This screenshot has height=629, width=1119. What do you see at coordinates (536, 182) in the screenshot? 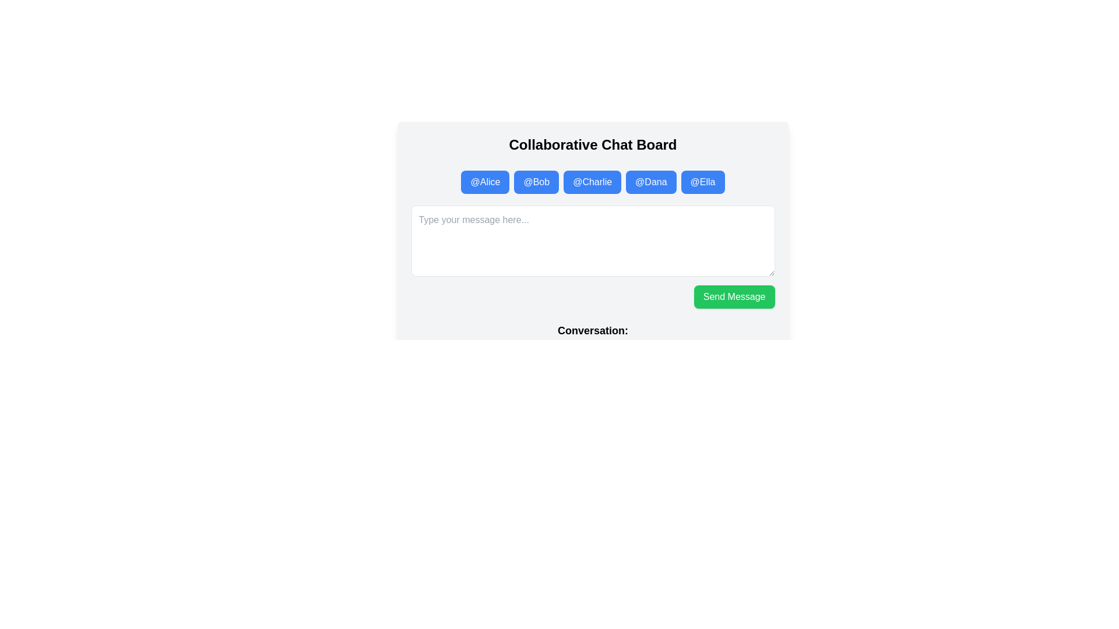
I see `the button representing the user handle '@Bob', located between the buttons '@Alice' and '@Charlie' under the title 'Collaborative Chat Board'` at bounding box center [536, 182].